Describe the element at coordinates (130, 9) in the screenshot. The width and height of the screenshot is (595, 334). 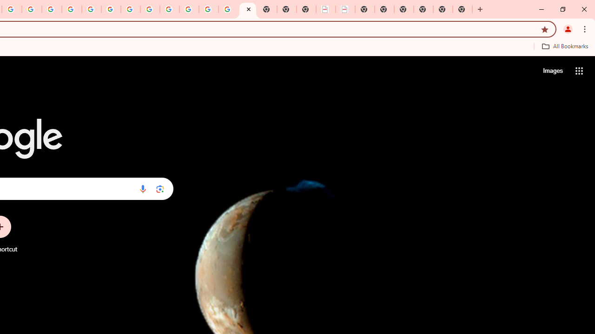
I see `'YouTube'` at that location.